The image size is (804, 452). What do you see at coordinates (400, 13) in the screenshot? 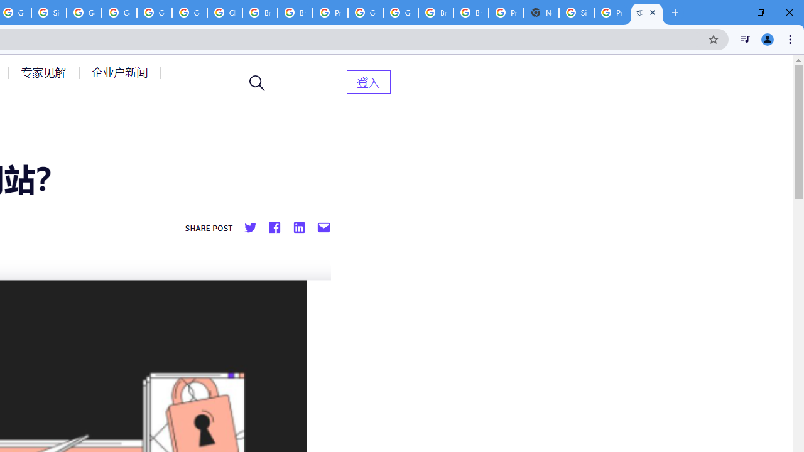
I see `'Google Cloud Platform'` at bounding box center [400, 13].